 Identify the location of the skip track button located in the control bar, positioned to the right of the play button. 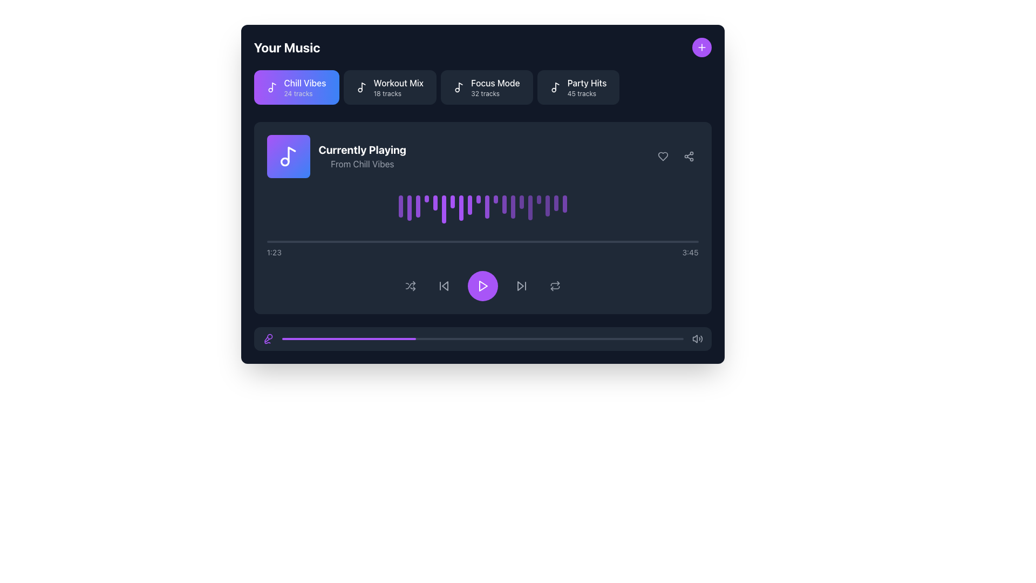
(521, 286).